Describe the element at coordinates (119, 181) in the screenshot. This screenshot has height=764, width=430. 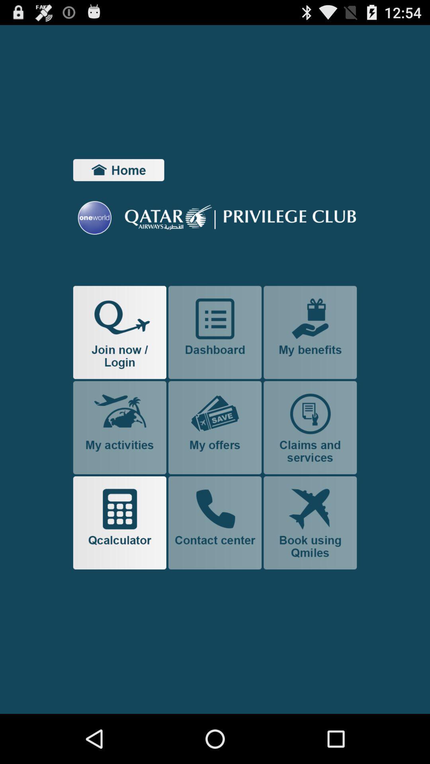
I see `the date_range icon` at that location.